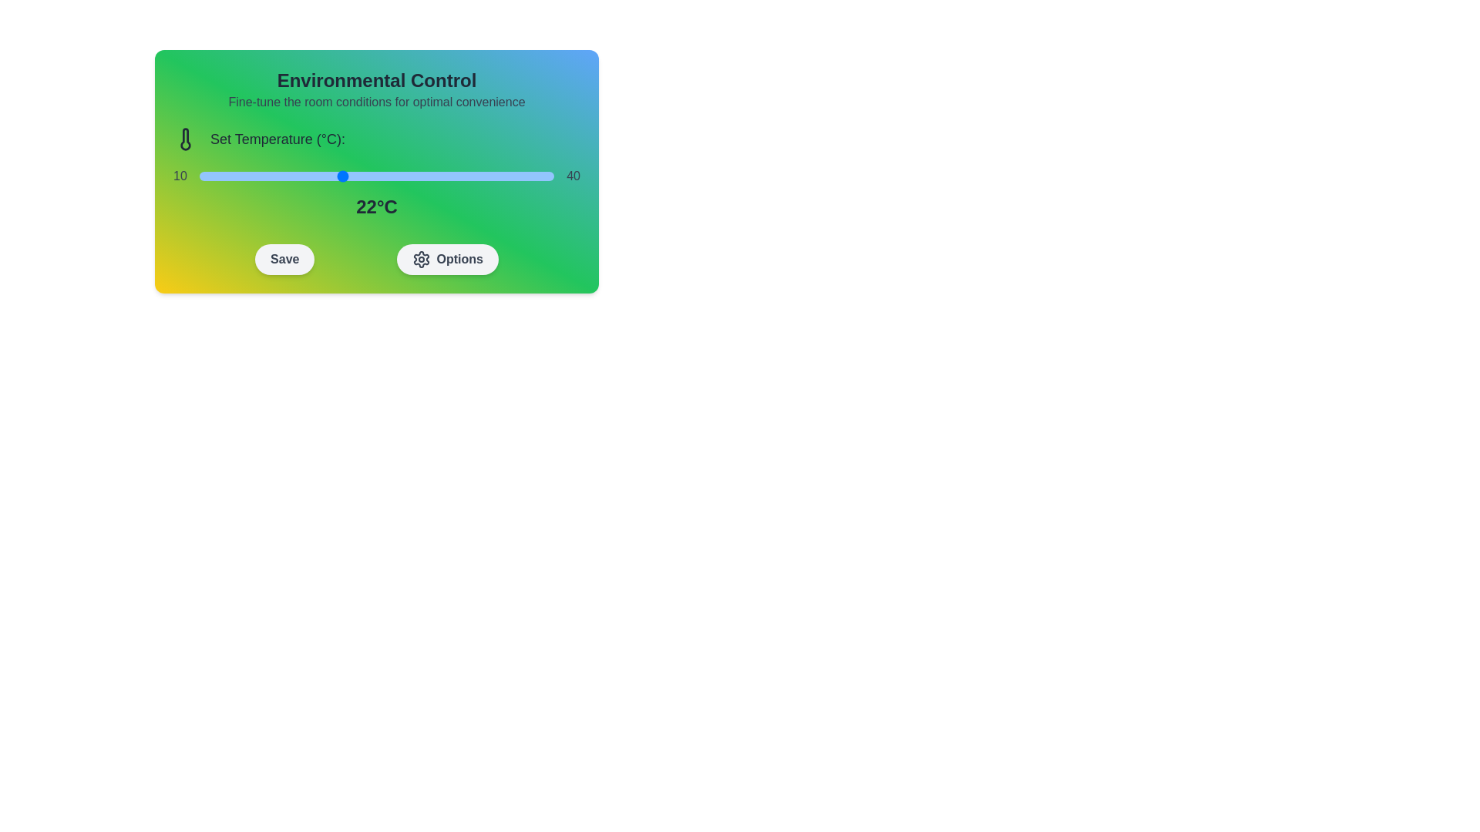 This screenshot has width=1480, height=832. What do you see at coordinates (446, 175) in the screenshot?
I see `the temperature` at bounding box center [446, 175].